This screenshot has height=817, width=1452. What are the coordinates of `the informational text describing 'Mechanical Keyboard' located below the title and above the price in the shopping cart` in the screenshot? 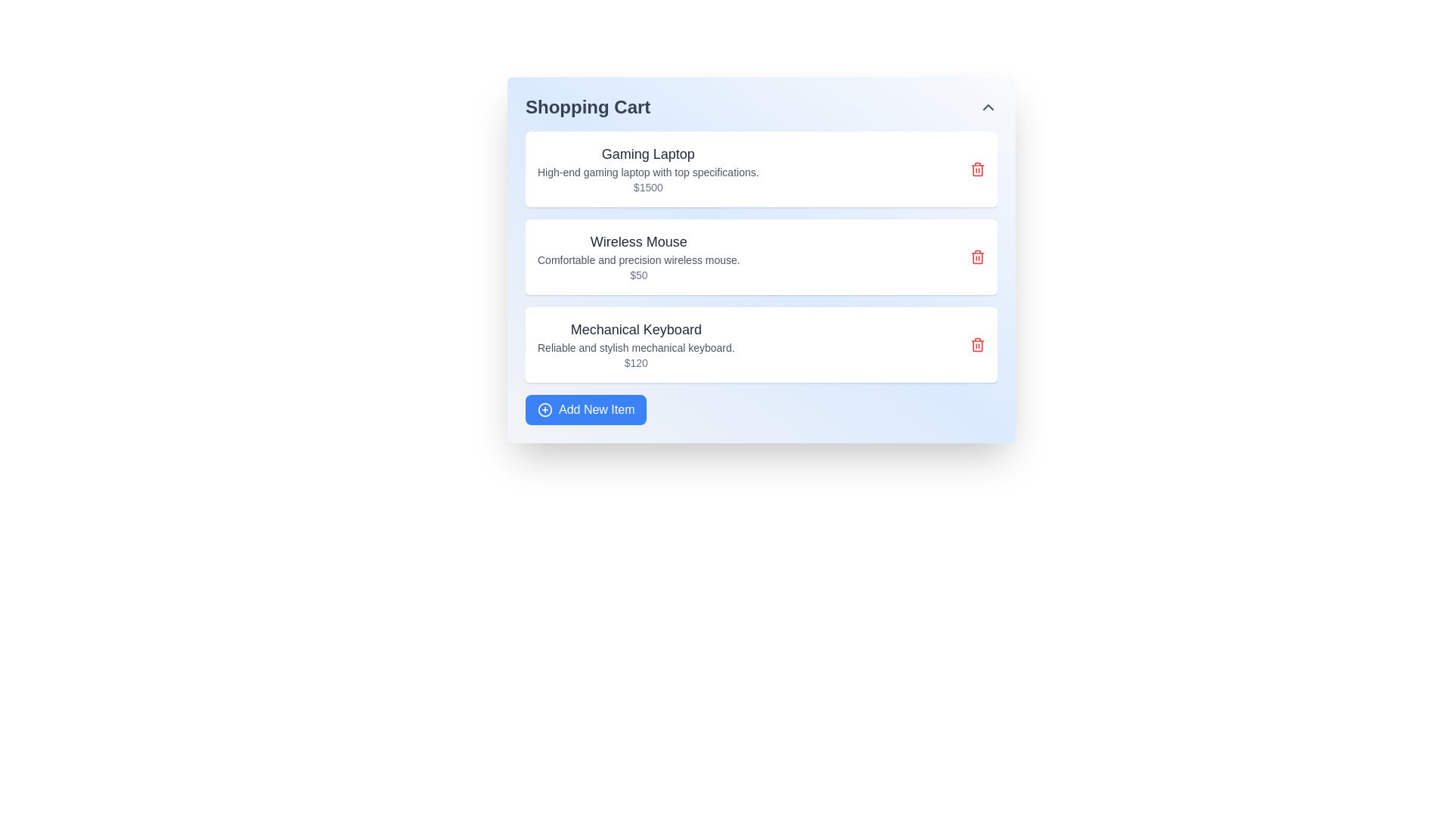 It's located at (636, 347).